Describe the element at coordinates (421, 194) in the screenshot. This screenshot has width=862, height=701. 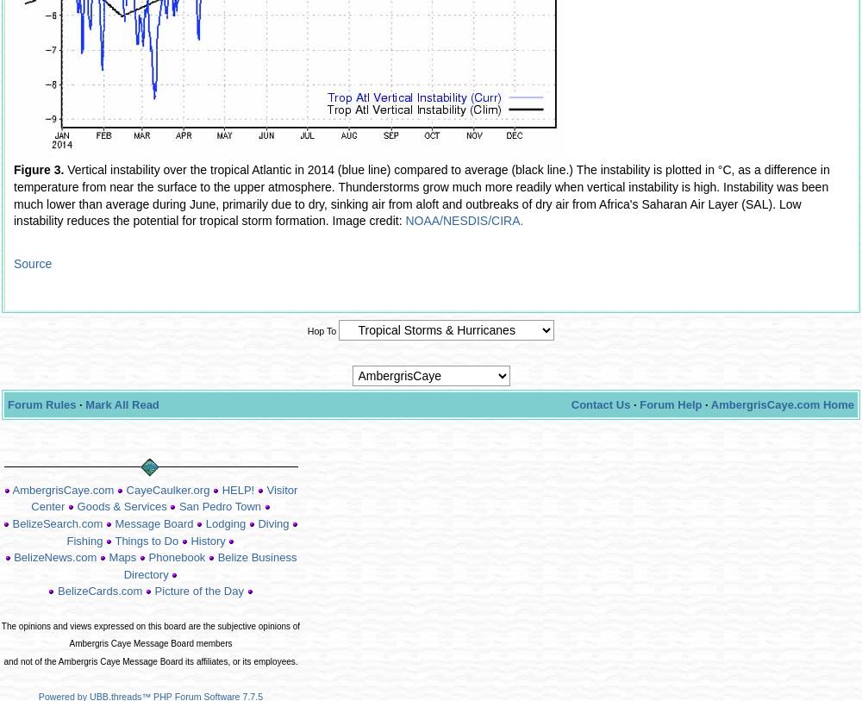
I see `'Vertical instability over the tropical Atlantic in 2014 (blue line) compared to average (black line.) The instability is plotted in °C, as a difference in temperature from near the surface to the upper atmosphere. Thunderstorms grow much more readily when vertical instability is high. Instability was been much lower than average during June, primarily due to dry, sinking air from aloft and outbreaks of dry air from Africa's Saharan Air Layer (SAL). Low instability reduces the potential for tropical storm formation. Image credit:'` at that location.